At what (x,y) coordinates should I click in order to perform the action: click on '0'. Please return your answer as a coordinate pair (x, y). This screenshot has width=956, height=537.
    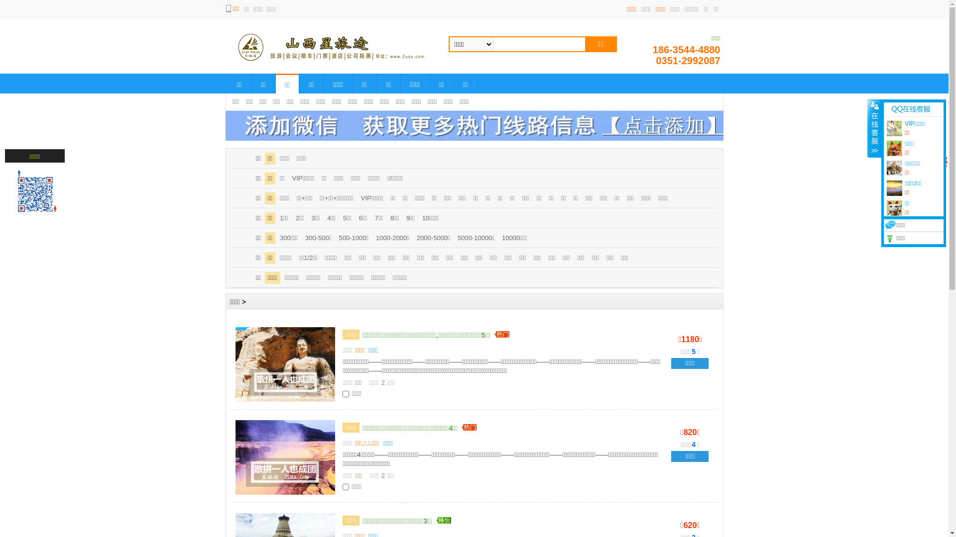
    Looking at the image, I should click on (934, 161).